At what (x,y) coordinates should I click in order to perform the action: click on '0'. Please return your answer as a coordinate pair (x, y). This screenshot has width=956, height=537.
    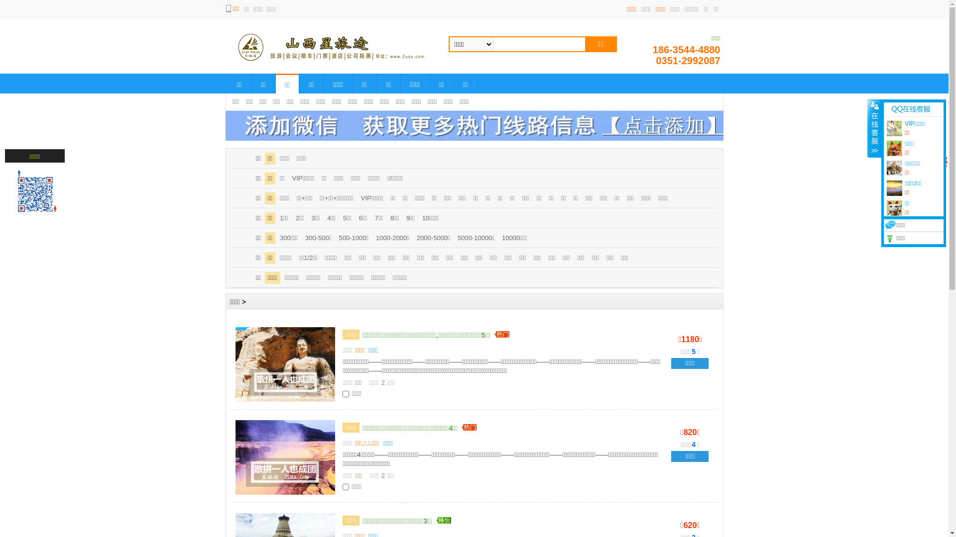
    Looking at the image, I should click on (934, 161).